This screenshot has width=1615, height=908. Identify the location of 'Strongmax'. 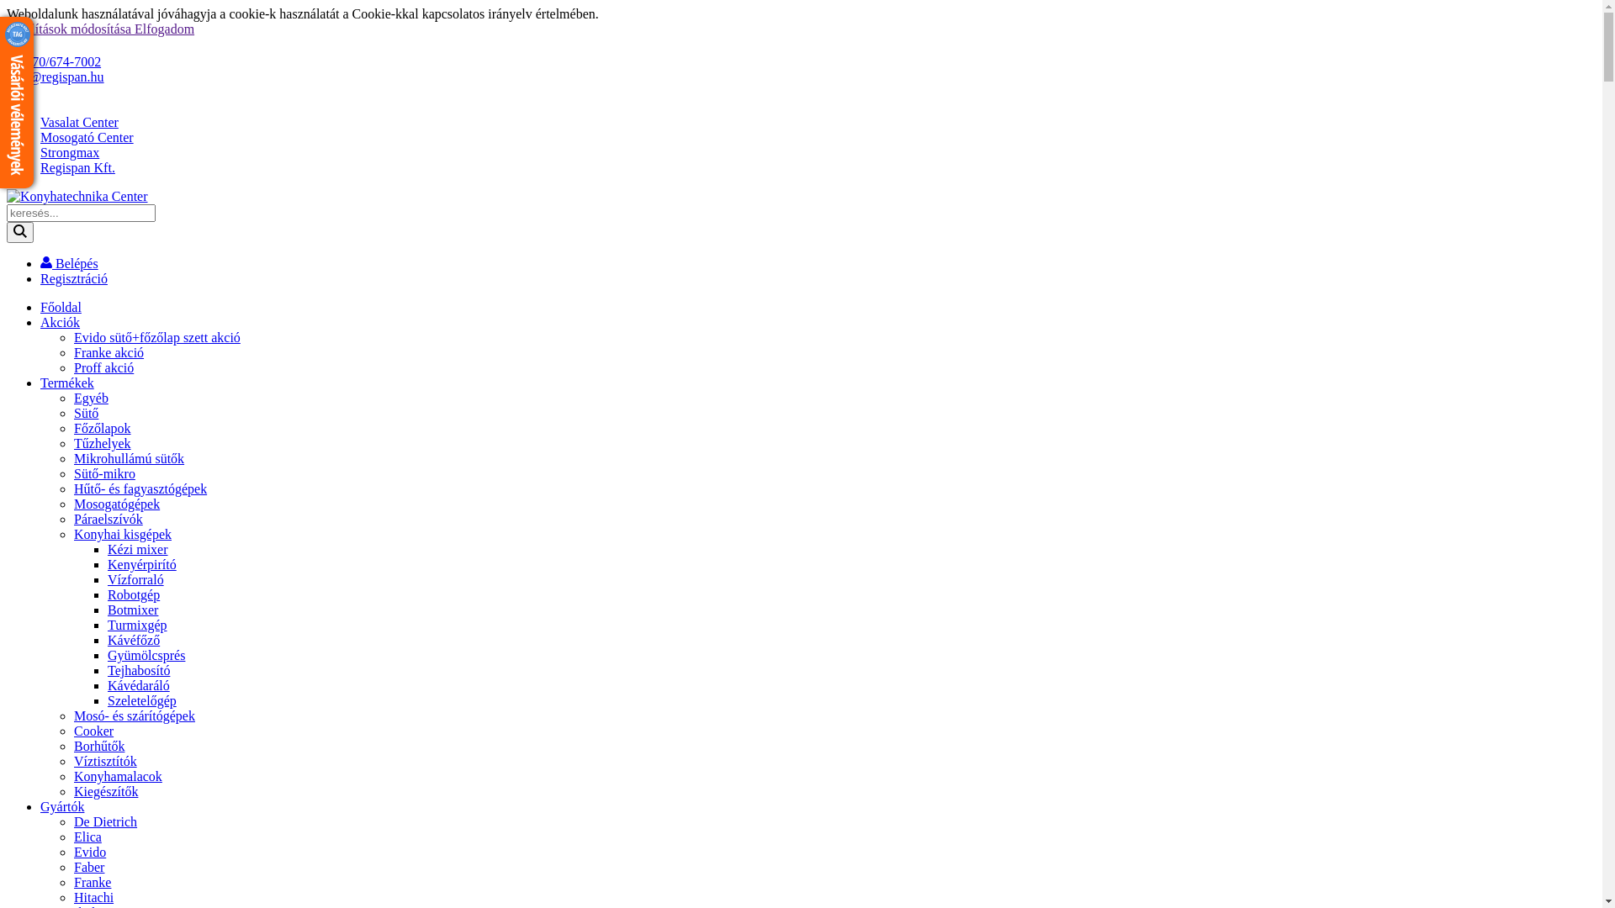
(40, 152).